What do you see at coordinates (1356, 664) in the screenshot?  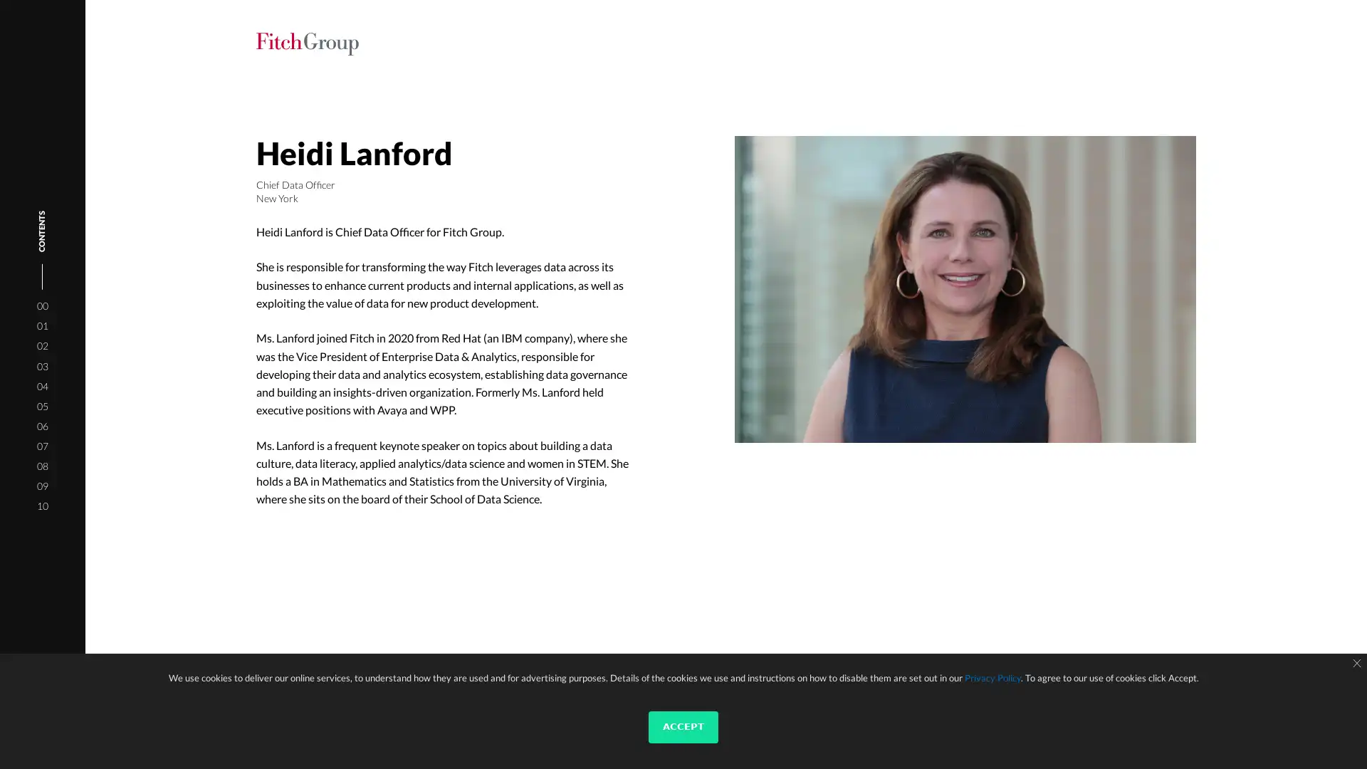 I see `close dialog` at bounding box center [1356, 664].